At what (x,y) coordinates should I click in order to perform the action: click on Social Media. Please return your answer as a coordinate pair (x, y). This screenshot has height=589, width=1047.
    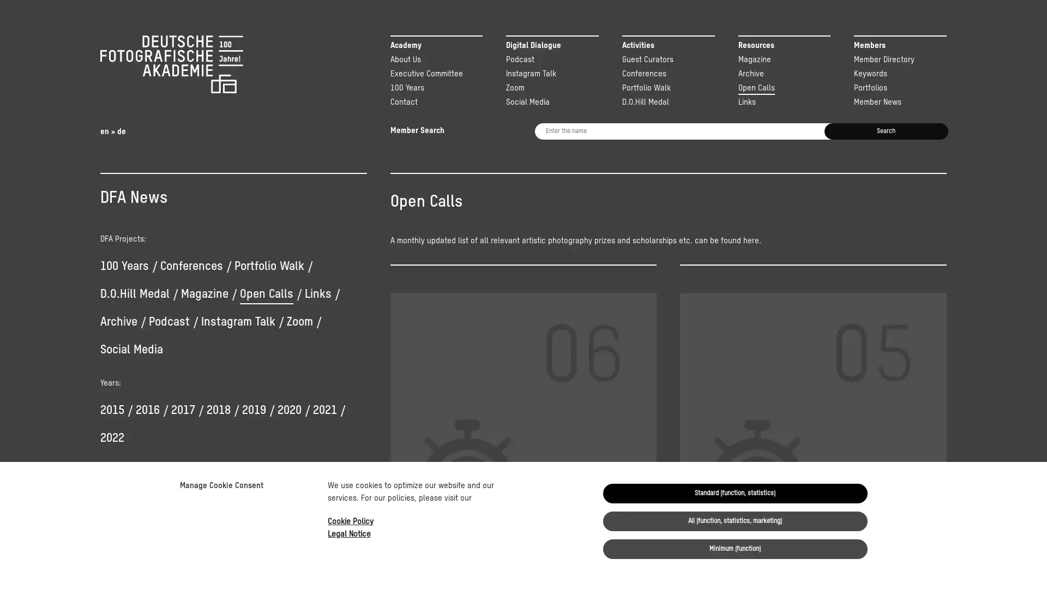
    Looking at the image, I should click on (131, 350).